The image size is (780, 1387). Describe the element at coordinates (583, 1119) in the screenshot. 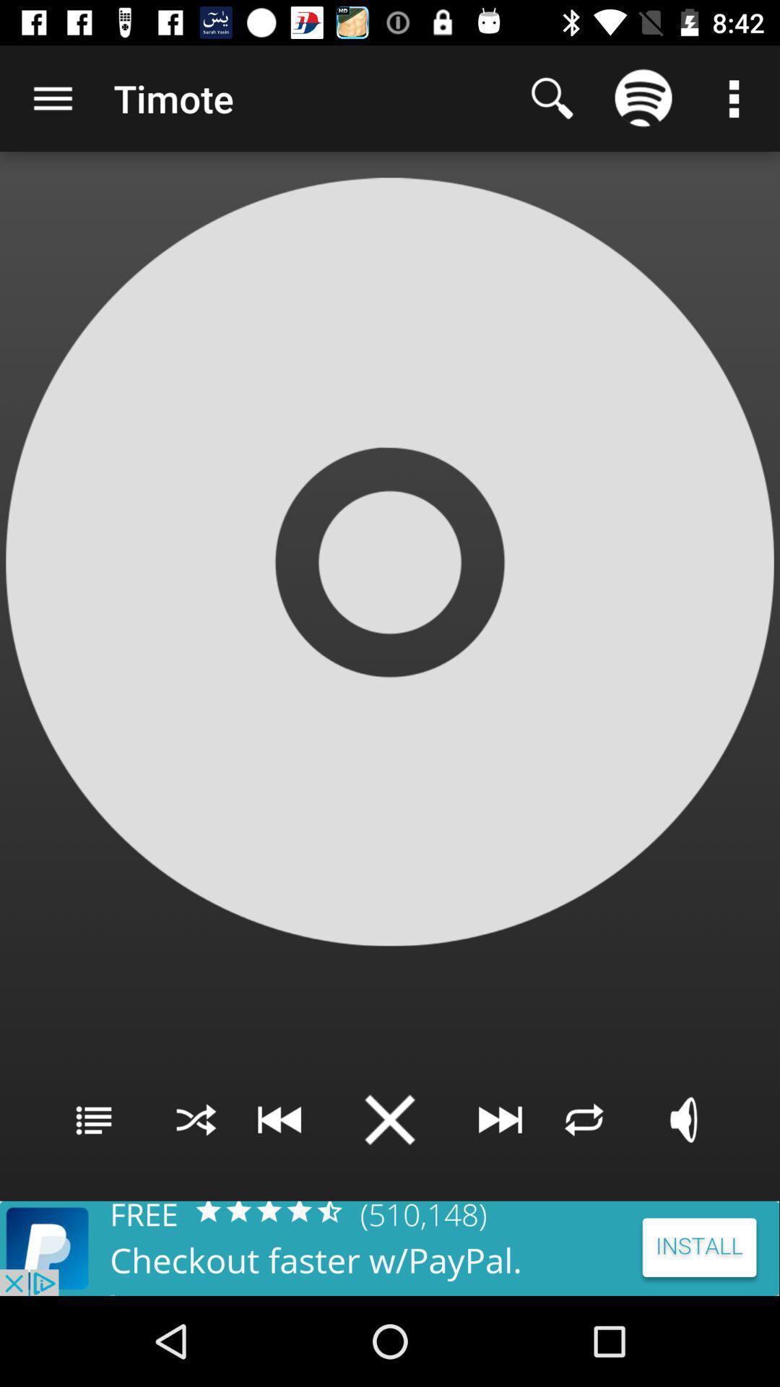

I see `the repeat icon` at that location.